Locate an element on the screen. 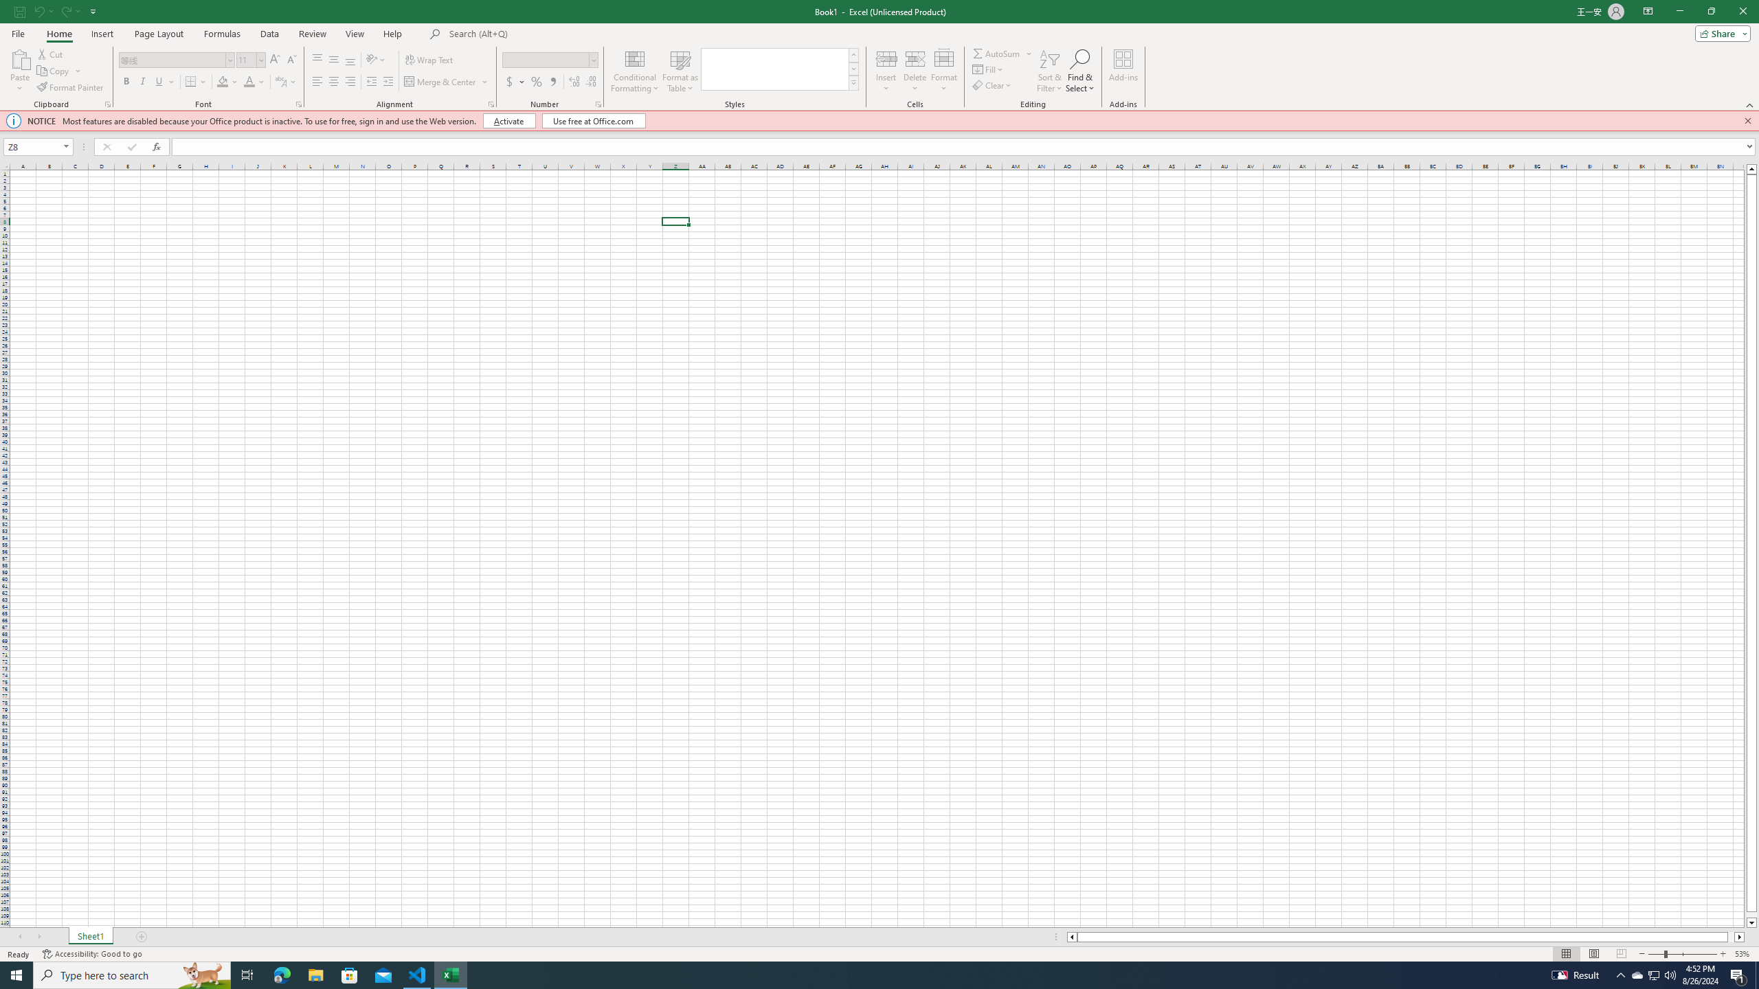 Image resolution: width=1759 pixels, height=989 pixels. 'Underline' is located at coordinates (164, 81).